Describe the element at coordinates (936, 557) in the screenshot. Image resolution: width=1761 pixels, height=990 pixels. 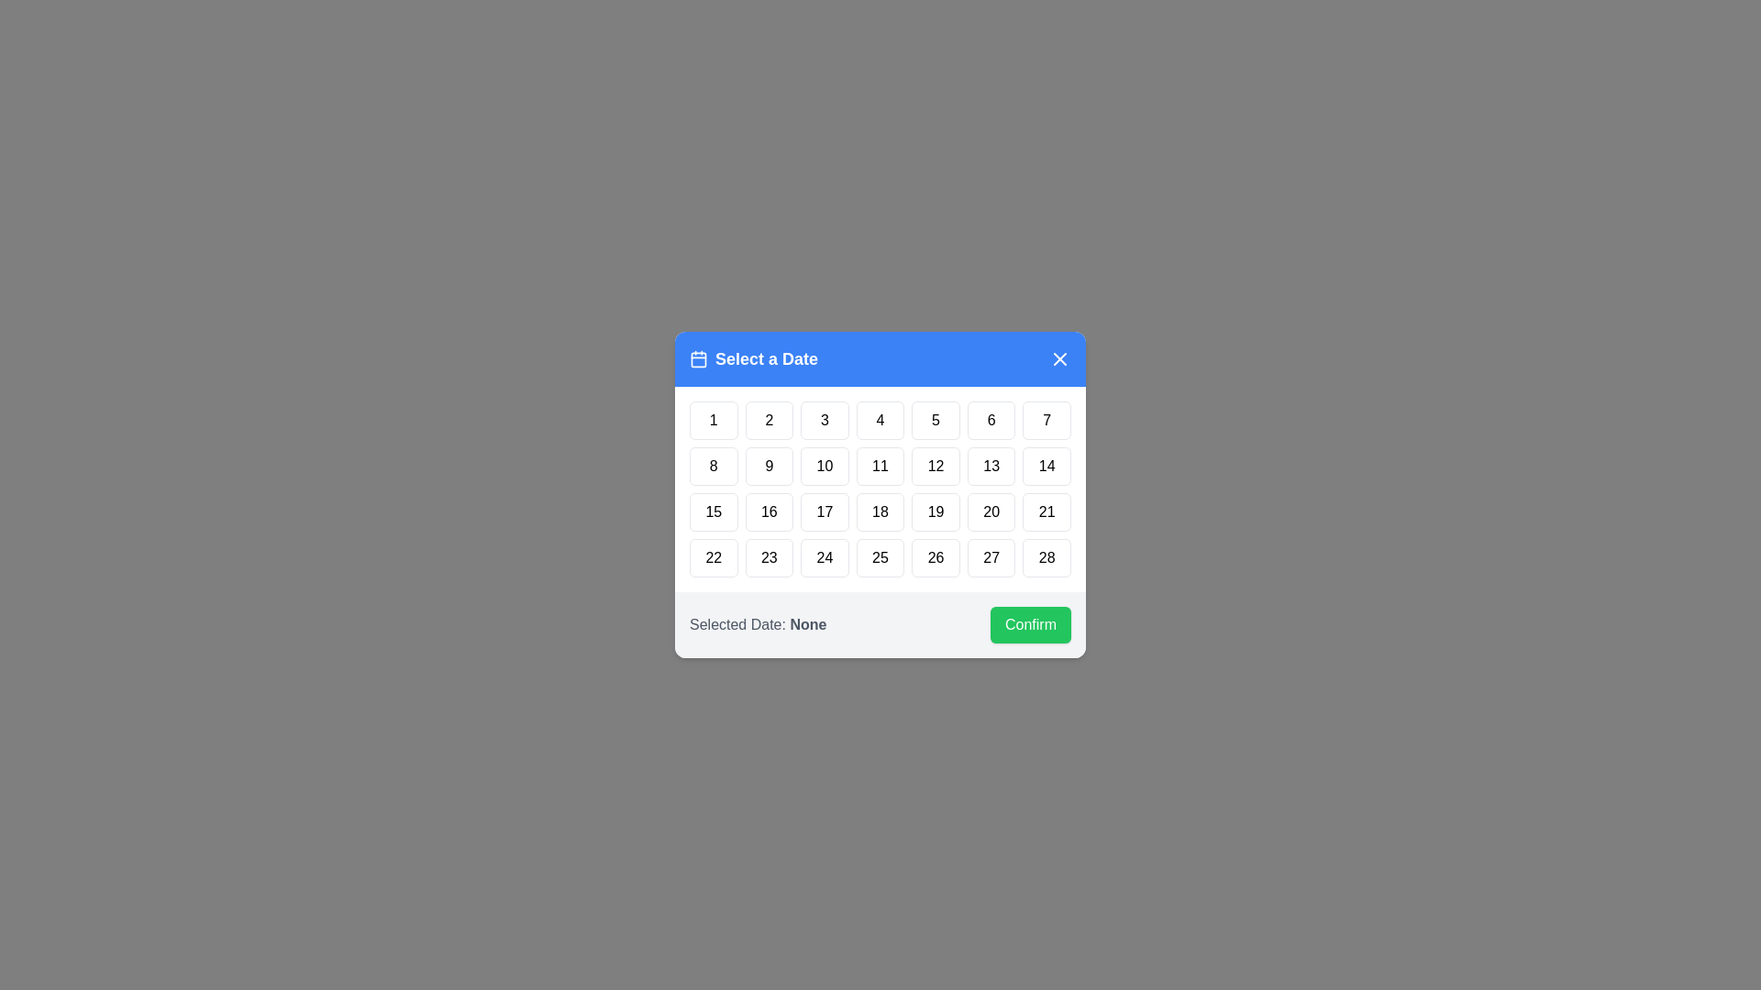
I see `the button representing the day 26 to select that date` at that location.